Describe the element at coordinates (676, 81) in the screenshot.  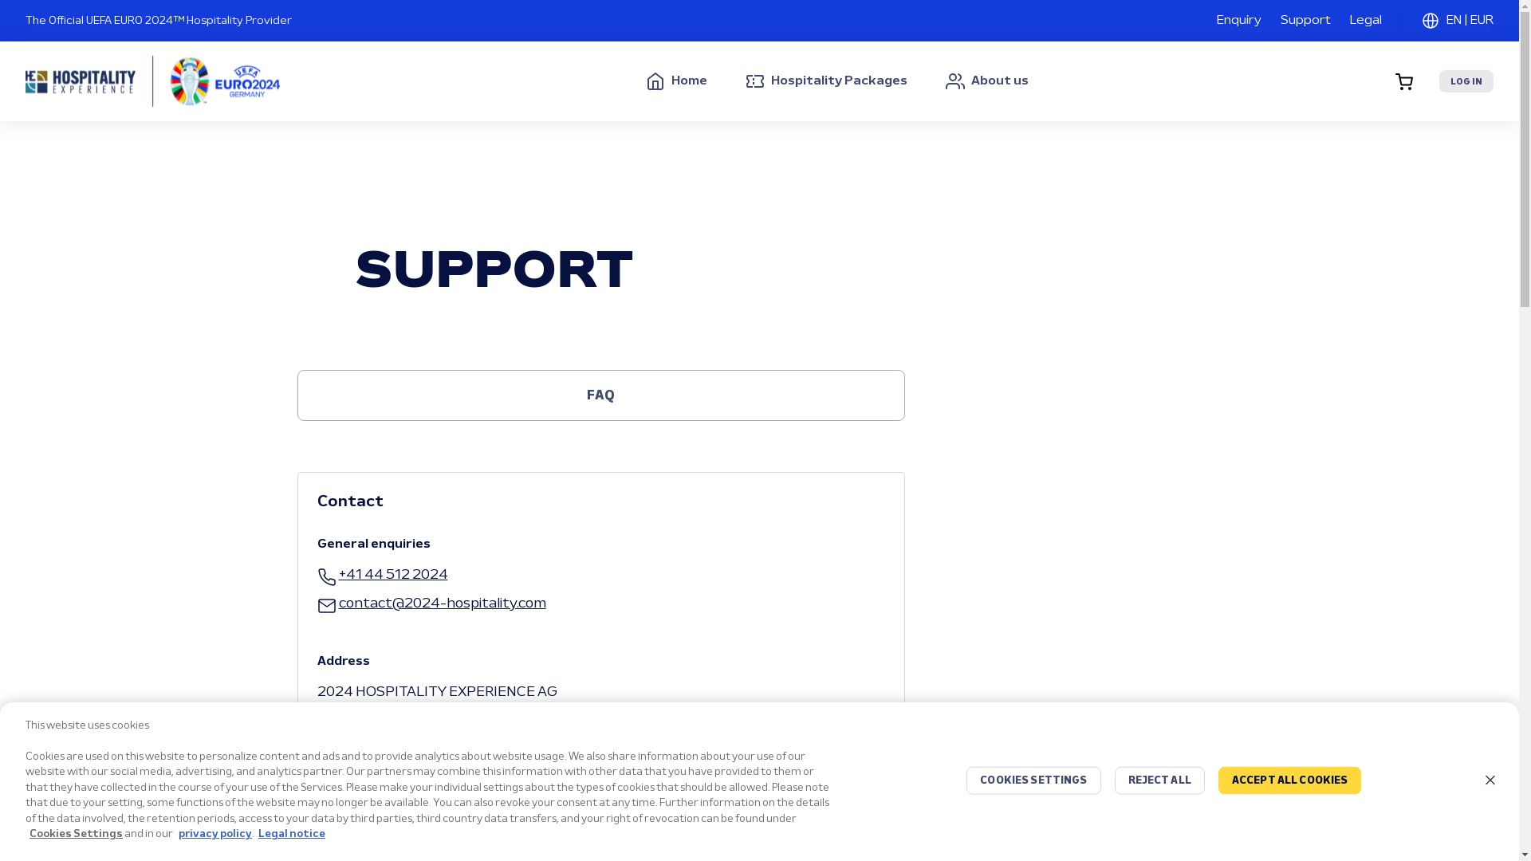
I see `'Home'` at that location.